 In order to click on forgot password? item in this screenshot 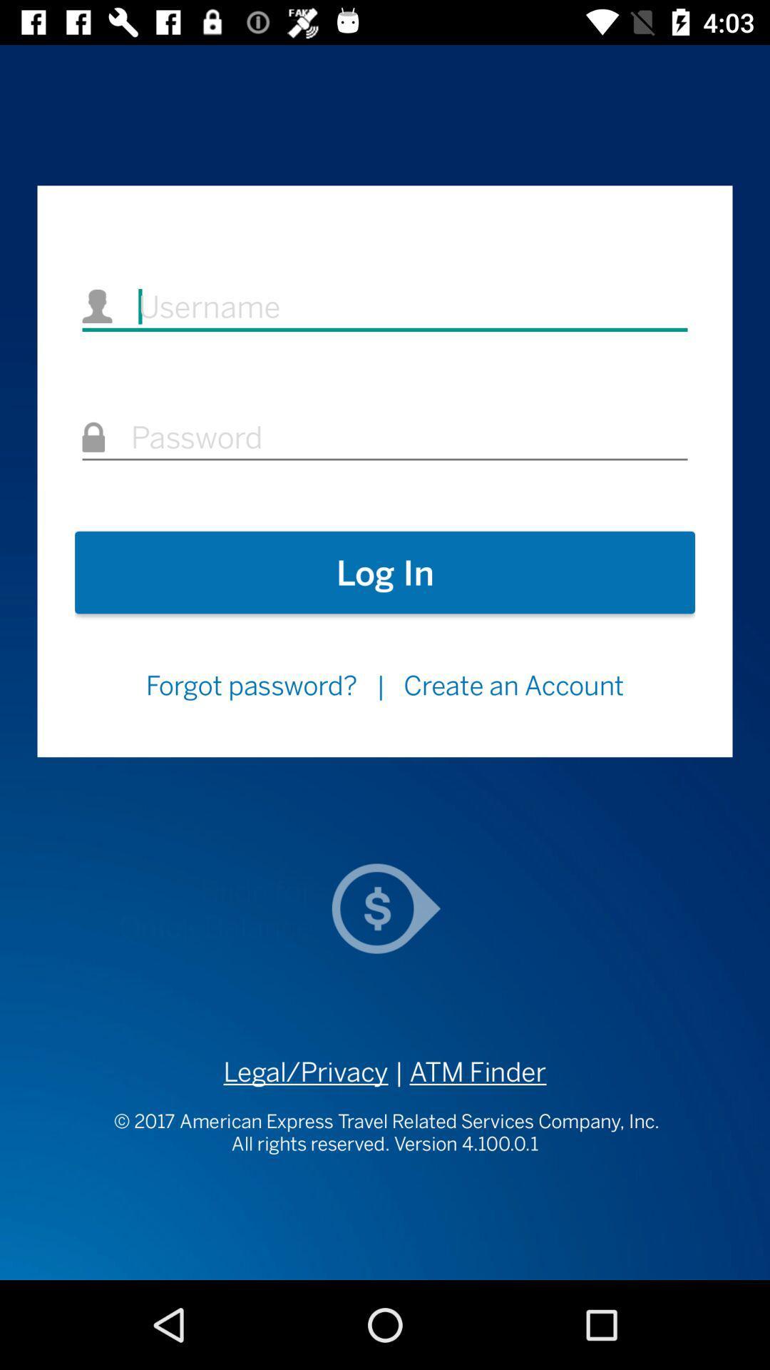, I will do `click(250, 685)`.